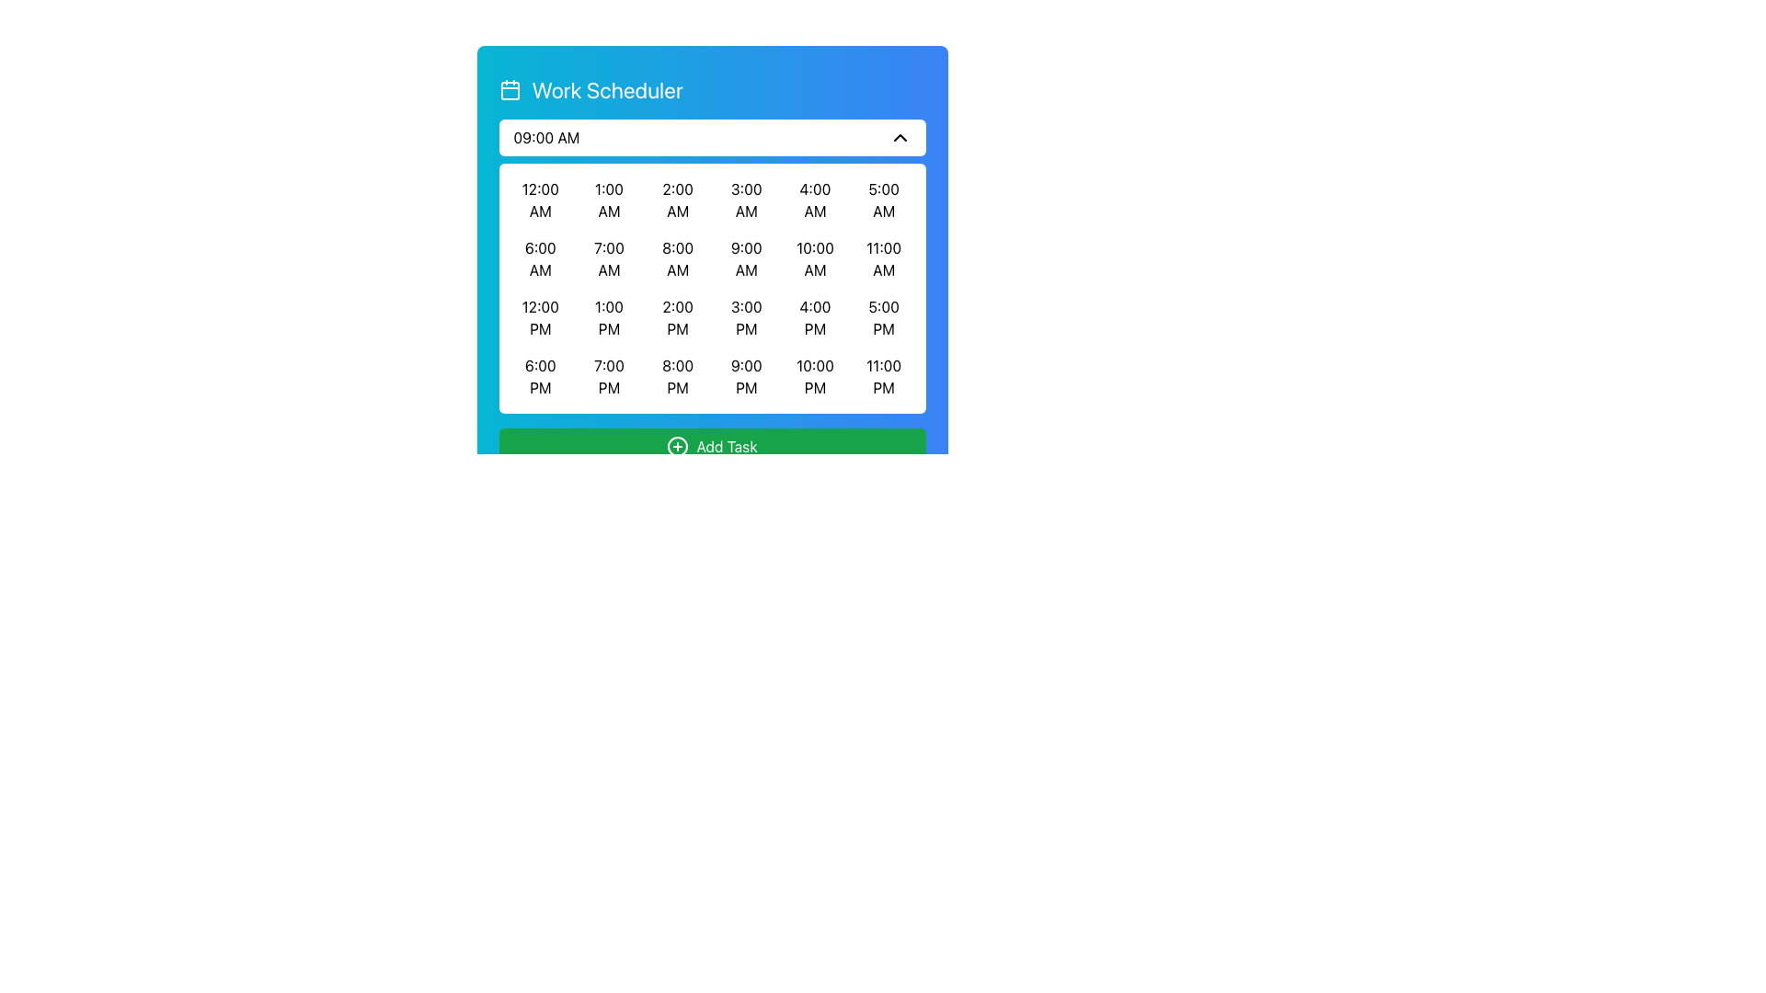  What do you see at coordinates (884, 258) in the screenshot?
I see `the time selection button for '11:00 AM' located in the fifth column and second row of the grid layout` at bounding box center [884, 258].